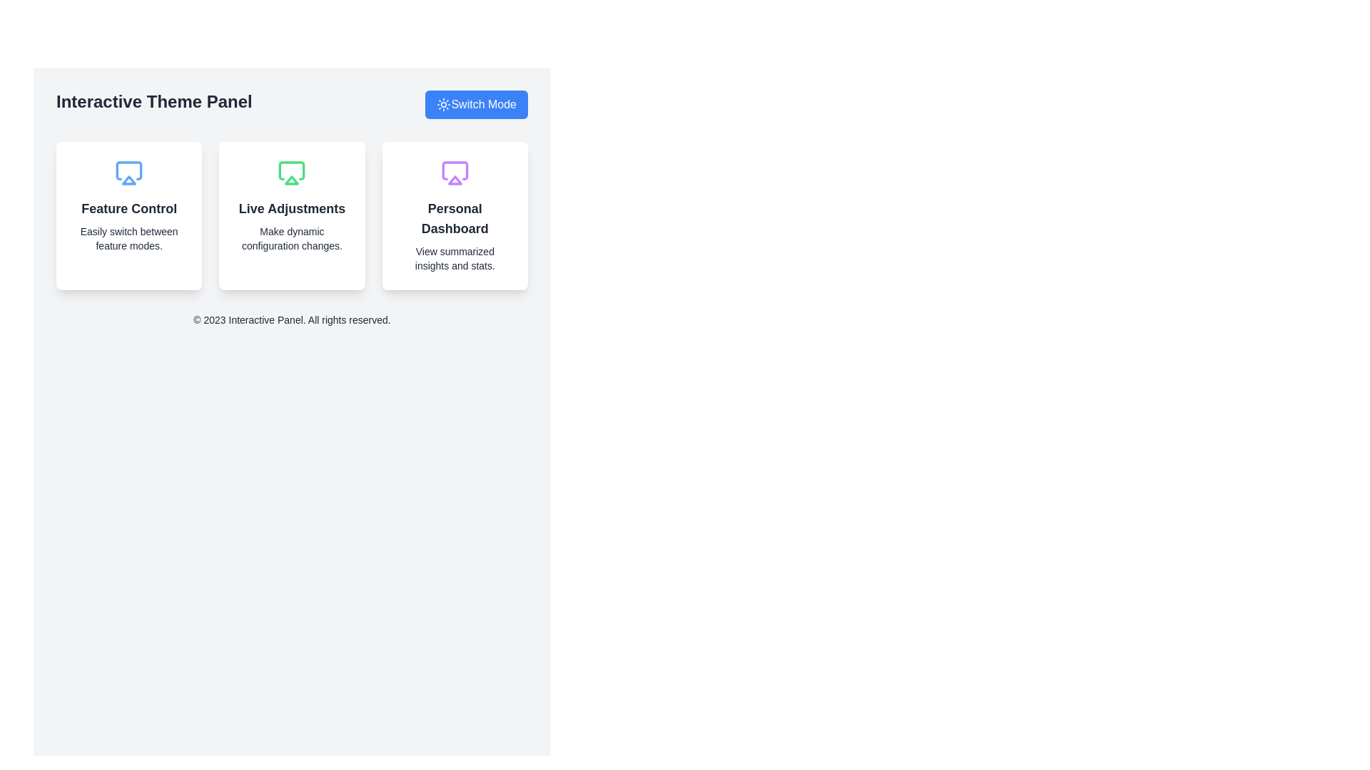 This screenshot has height=770, width=1370. What do you see at coordinates (454, 173) in the screenshot?
I see `the 'Personal Dashboard' icon located at the top center of the 'Personal Dashboard' card, which is visually represented among similar icons for adjacent features` at bounding box center [454, 173].